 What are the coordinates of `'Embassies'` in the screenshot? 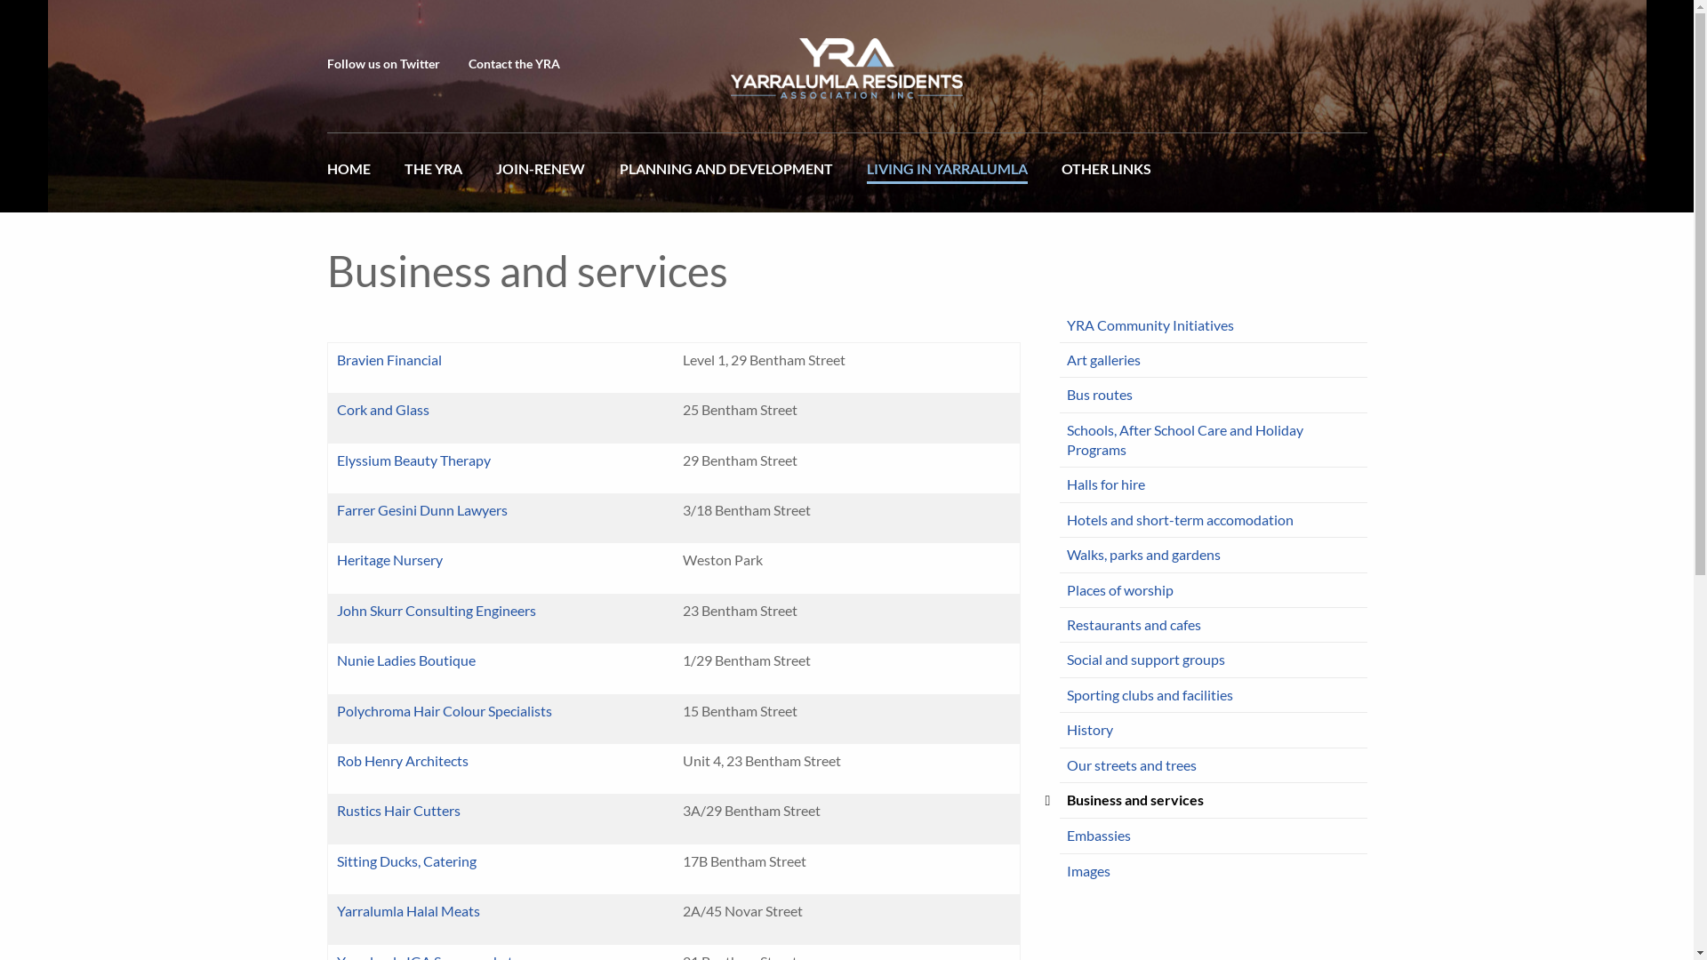 It's located at (1212, 836).